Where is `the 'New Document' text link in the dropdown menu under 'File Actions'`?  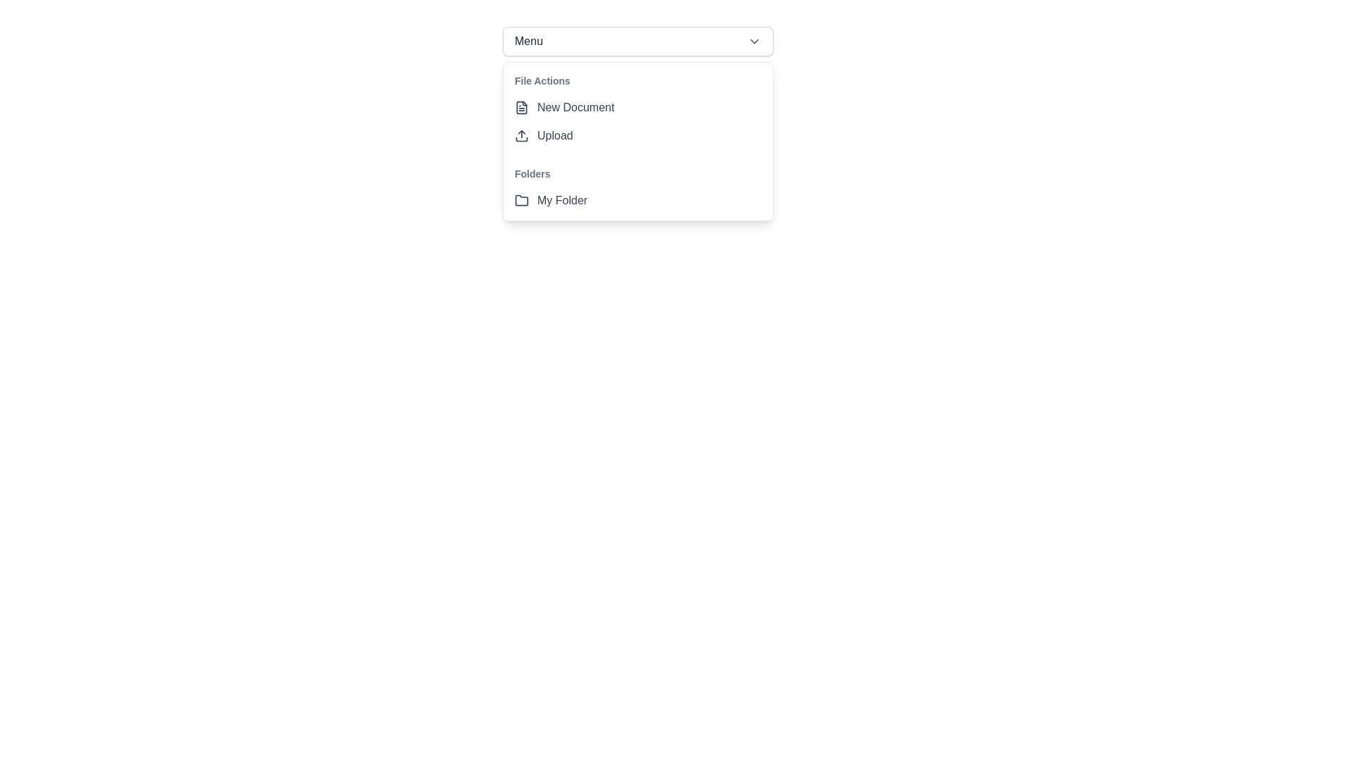
the 'New Document' text link in the dropdown menu under 'File Actions' is located at coordinates (575, 107).